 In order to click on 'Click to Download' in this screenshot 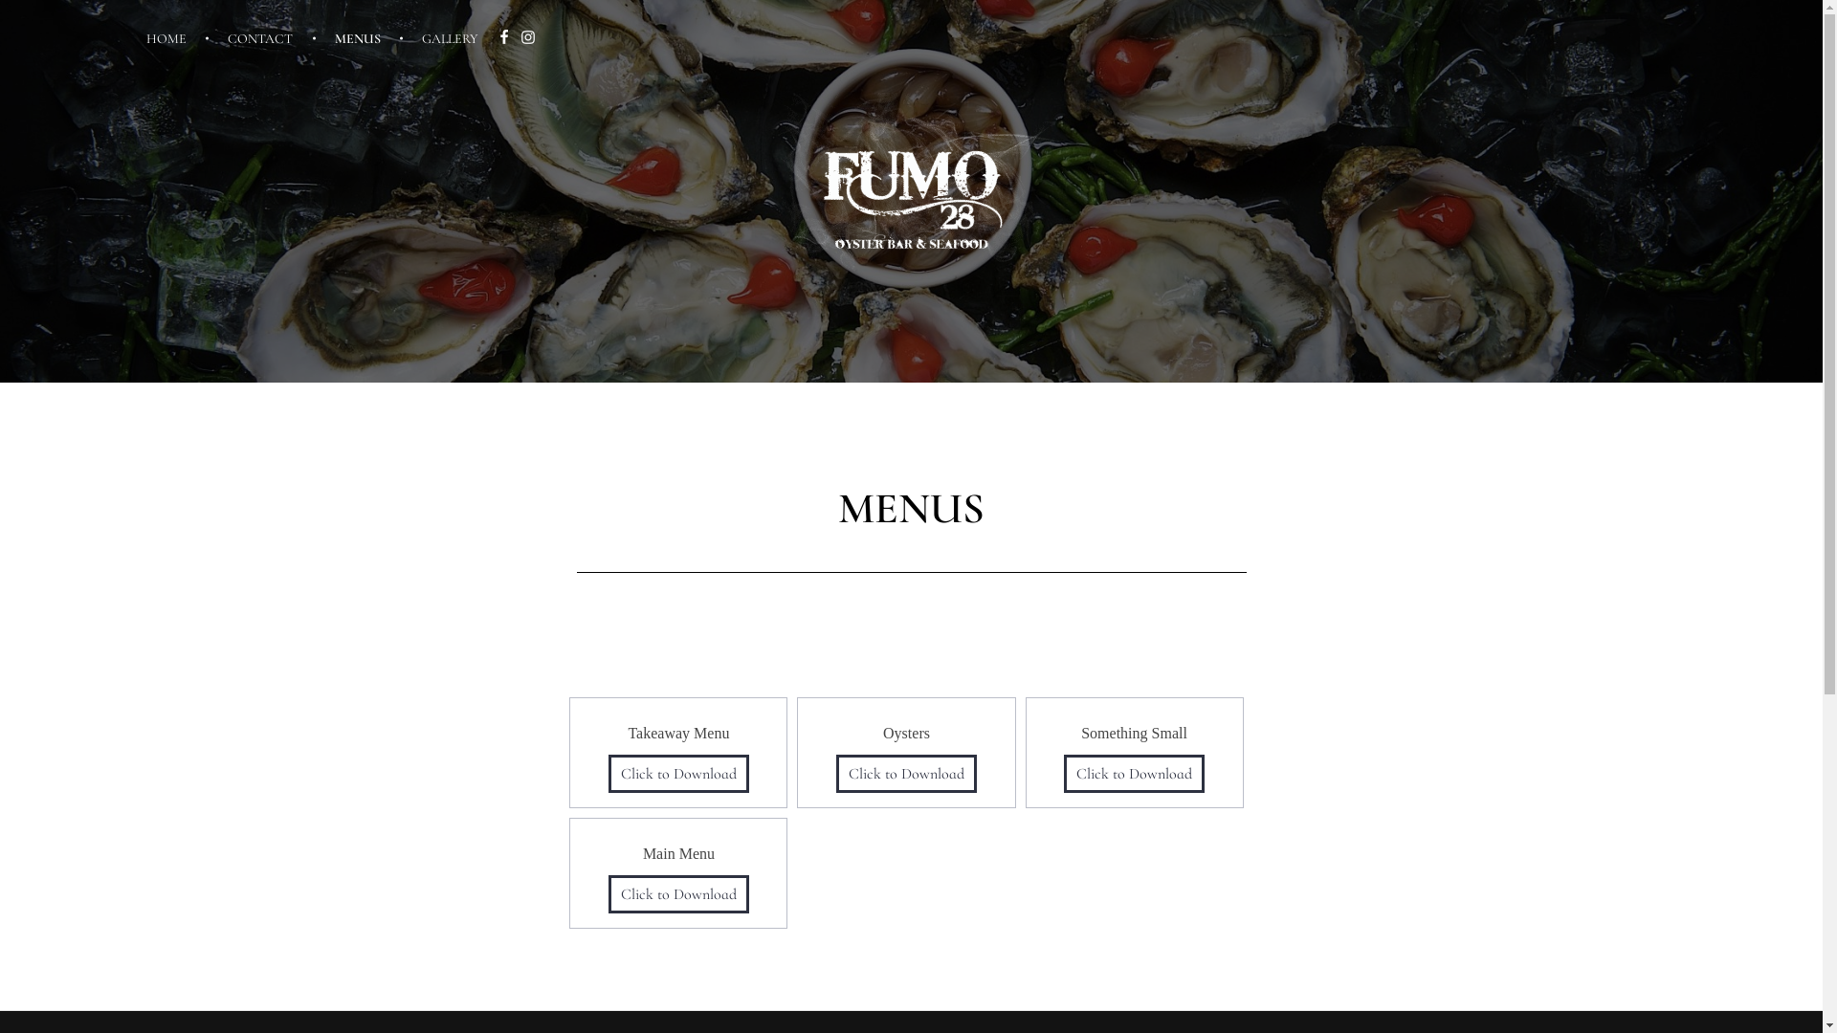, I will do `click(678, 893)`.